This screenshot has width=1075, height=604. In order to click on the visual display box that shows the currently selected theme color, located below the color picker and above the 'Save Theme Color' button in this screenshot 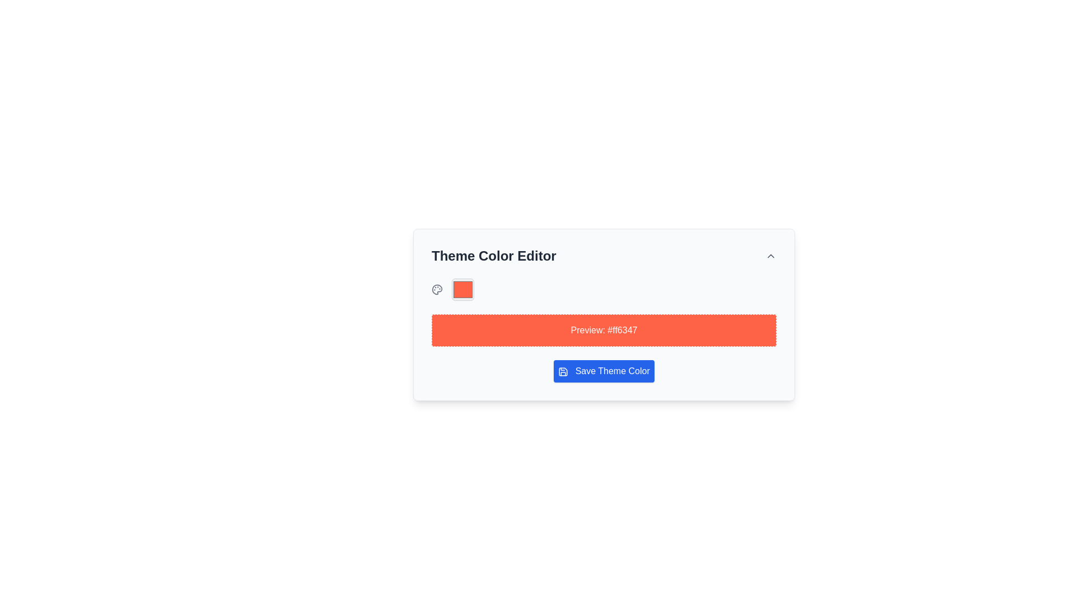, I will do `click(604, 329)`.